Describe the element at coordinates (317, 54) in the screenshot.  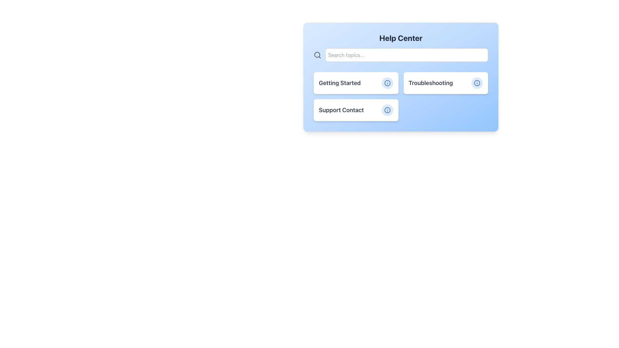
I see `the magnifying glass icon, which is styled with a circular shape and a diagonal handle, located to the left of the text input box labeled 'Search topics...'` at that location.